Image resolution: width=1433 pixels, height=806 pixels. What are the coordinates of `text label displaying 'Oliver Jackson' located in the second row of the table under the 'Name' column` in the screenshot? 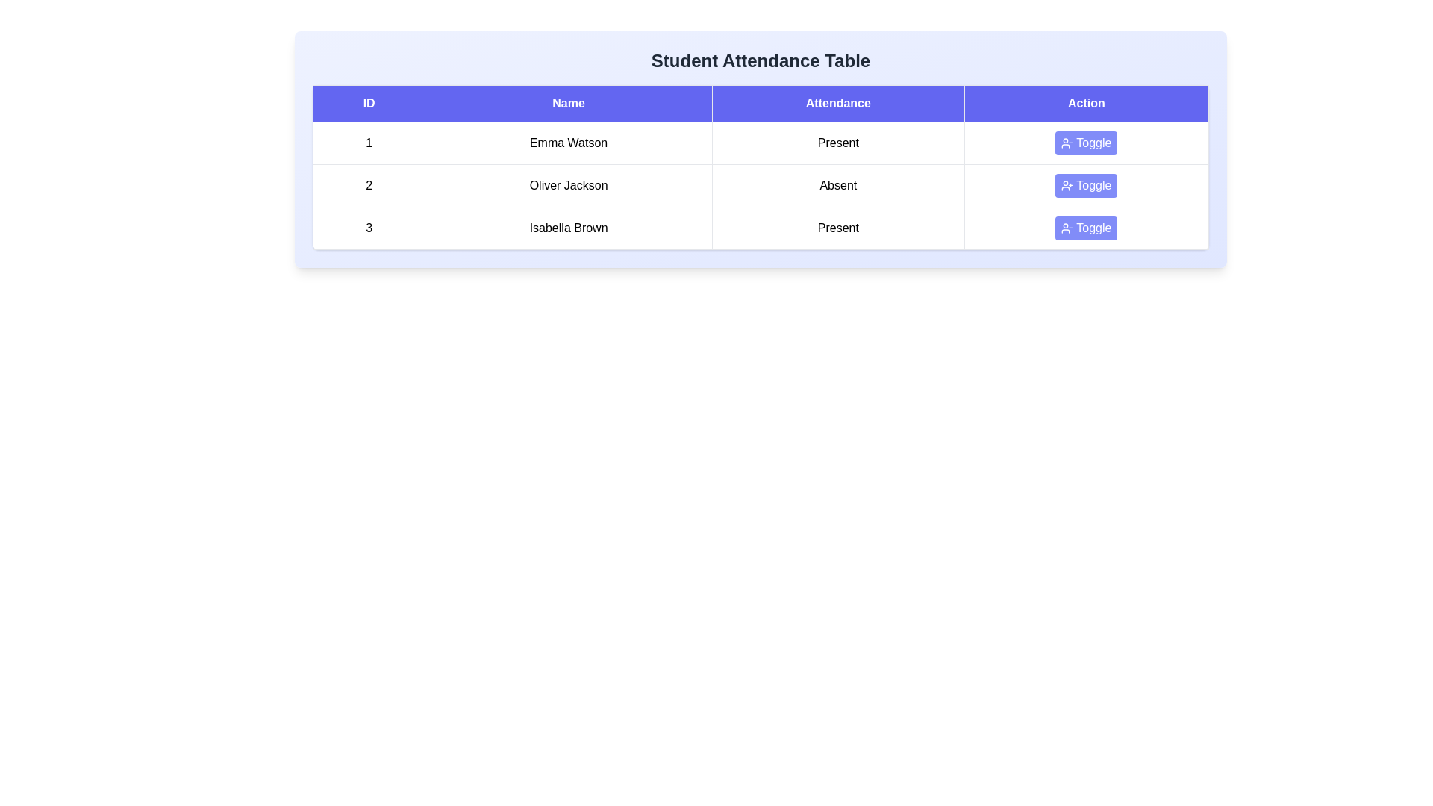 It's located at (568, 185).